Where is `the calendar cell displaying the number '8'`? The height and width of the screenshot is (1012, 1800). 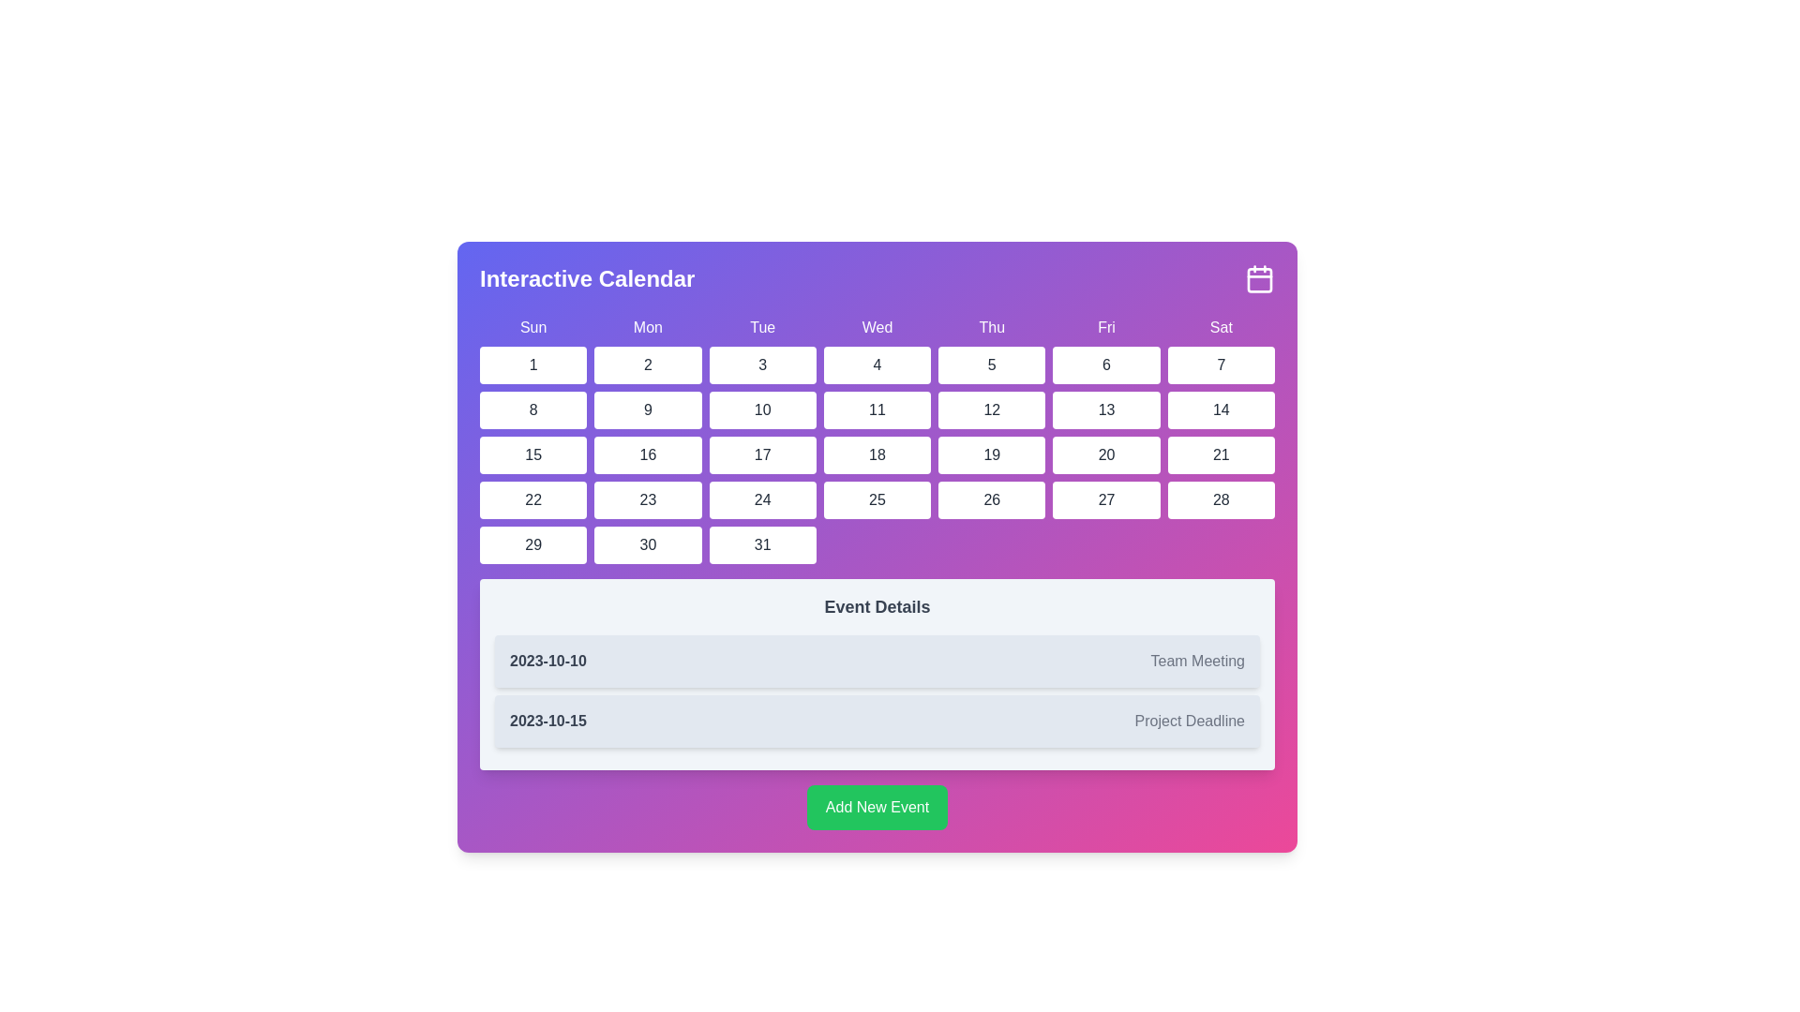
the calendar cell displaying the number '8' is located at coordinates (532, 409).